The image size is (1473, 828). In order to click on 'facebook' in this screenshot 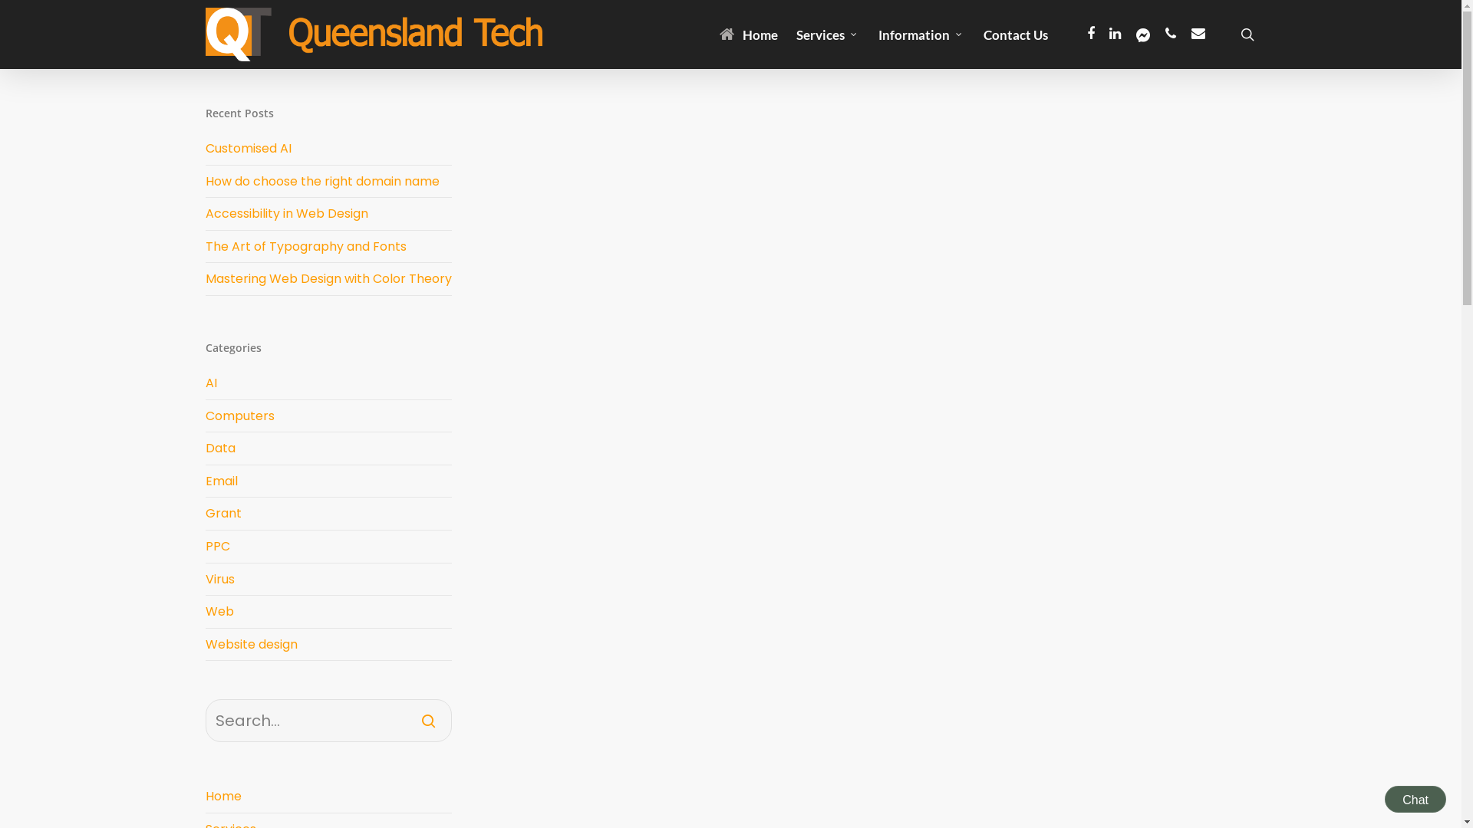, I will do `click(1089, 34)`.